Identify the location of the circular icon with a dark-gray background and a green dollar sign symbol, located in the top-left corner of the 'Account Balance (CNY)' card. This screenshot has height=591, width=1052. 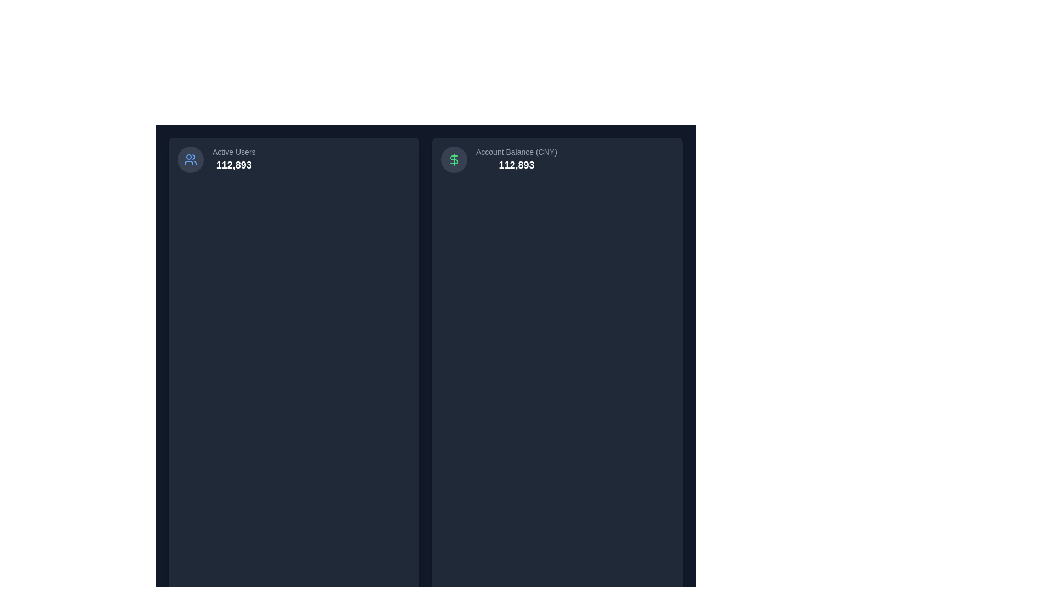
(454, 160).